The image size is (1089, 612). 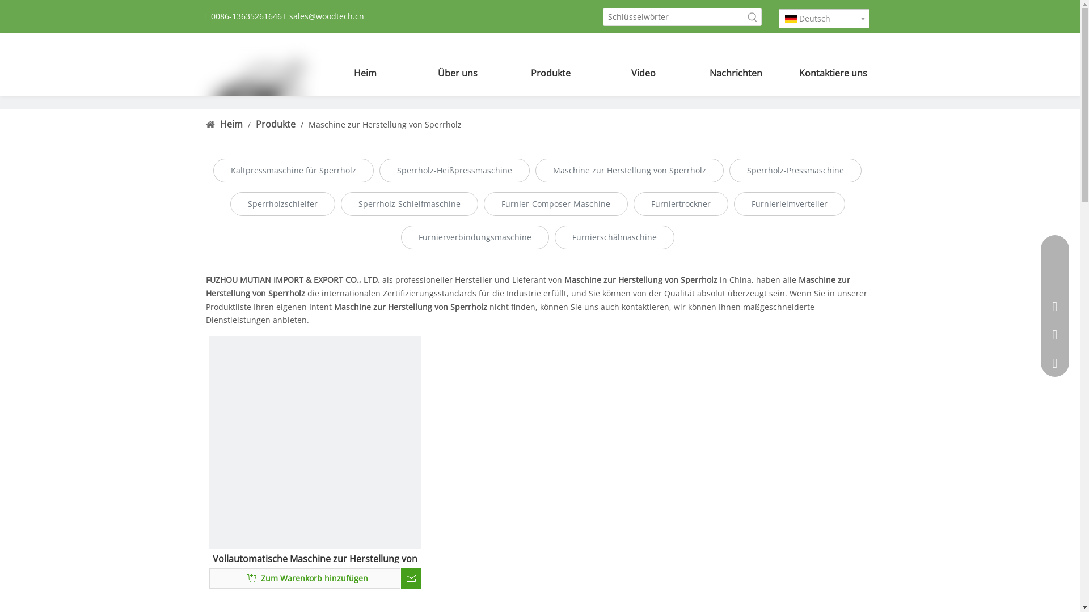 I want to click on 'Furnier-Composer-Maschine', so click(x=555, y=203).